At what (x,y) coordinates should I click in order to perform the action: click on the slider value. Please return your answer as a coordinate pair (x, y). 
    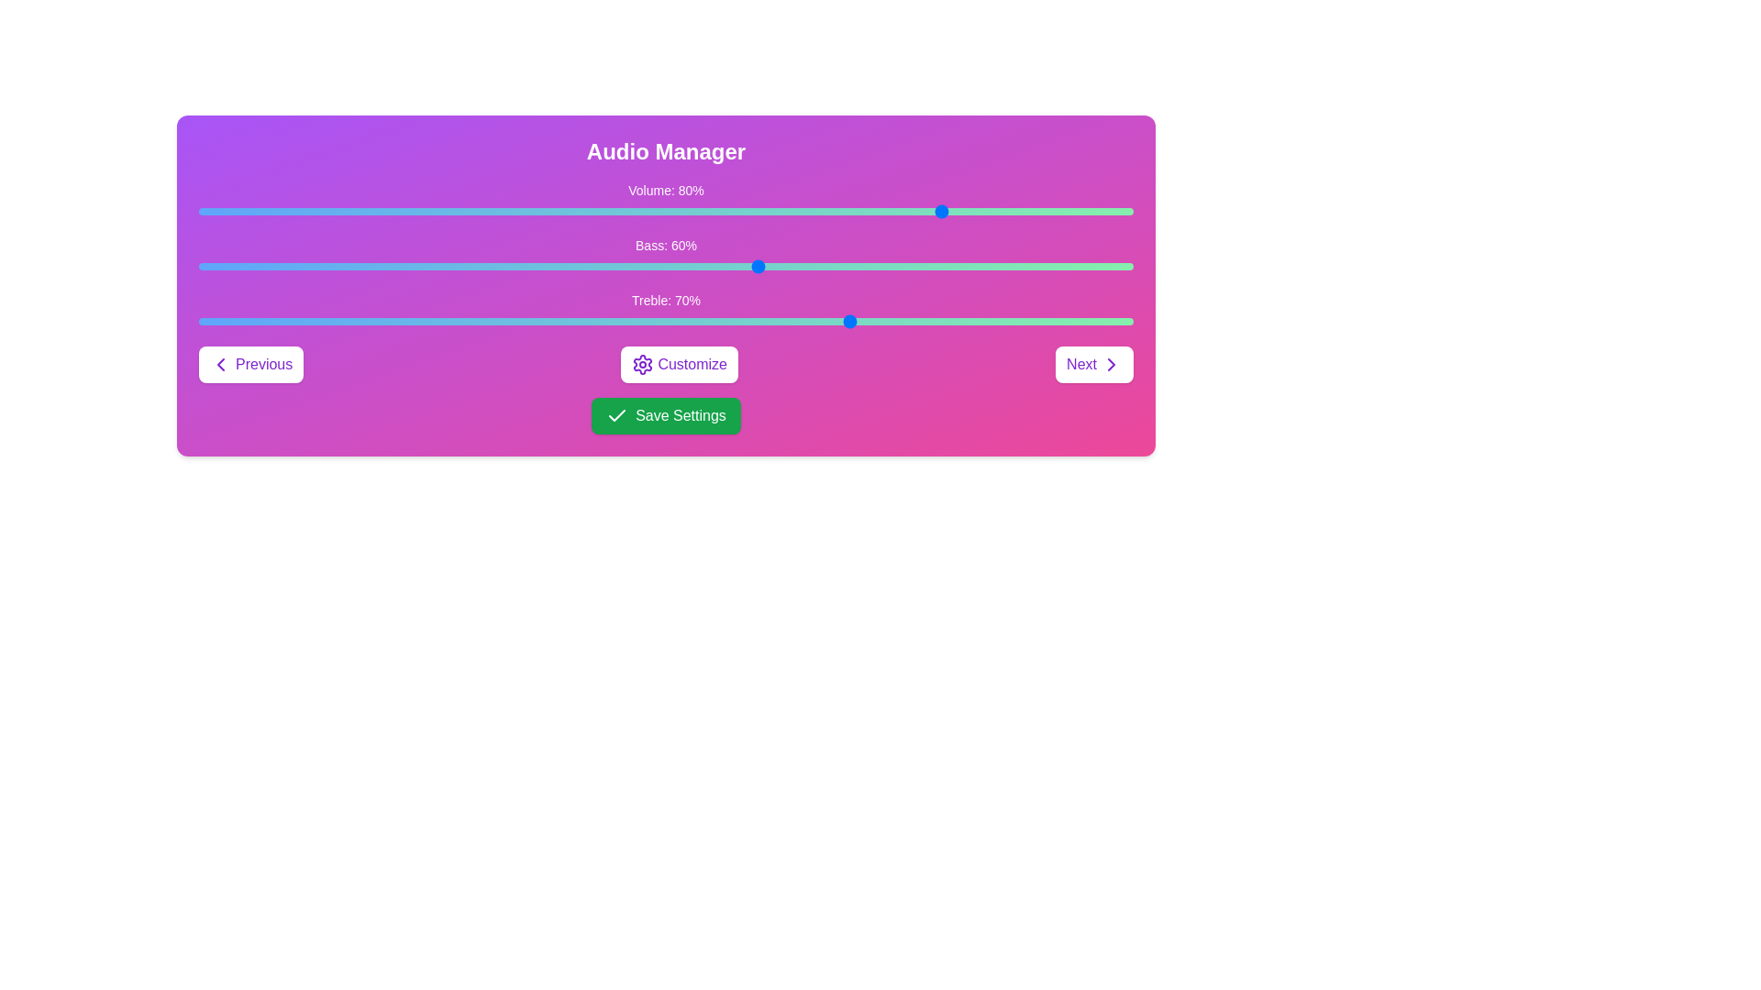
    Looking at the image, I should click on (311, 211).